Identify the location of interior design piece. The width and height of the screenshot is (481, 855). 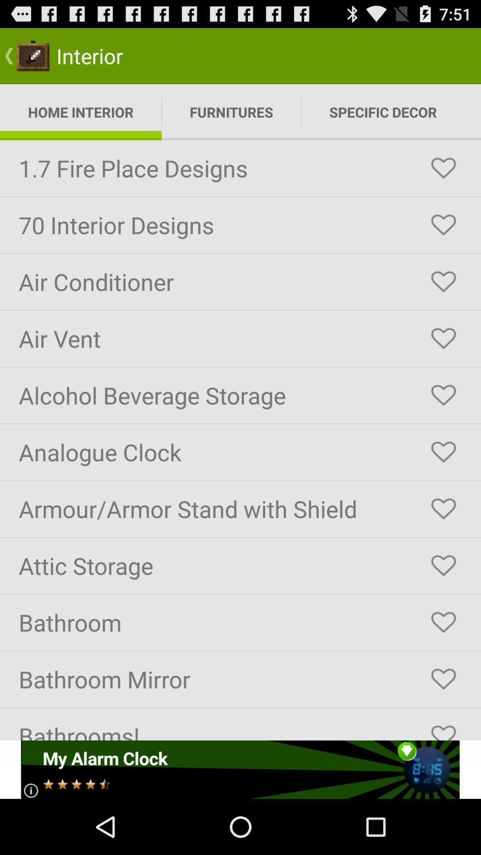
(443, 679).